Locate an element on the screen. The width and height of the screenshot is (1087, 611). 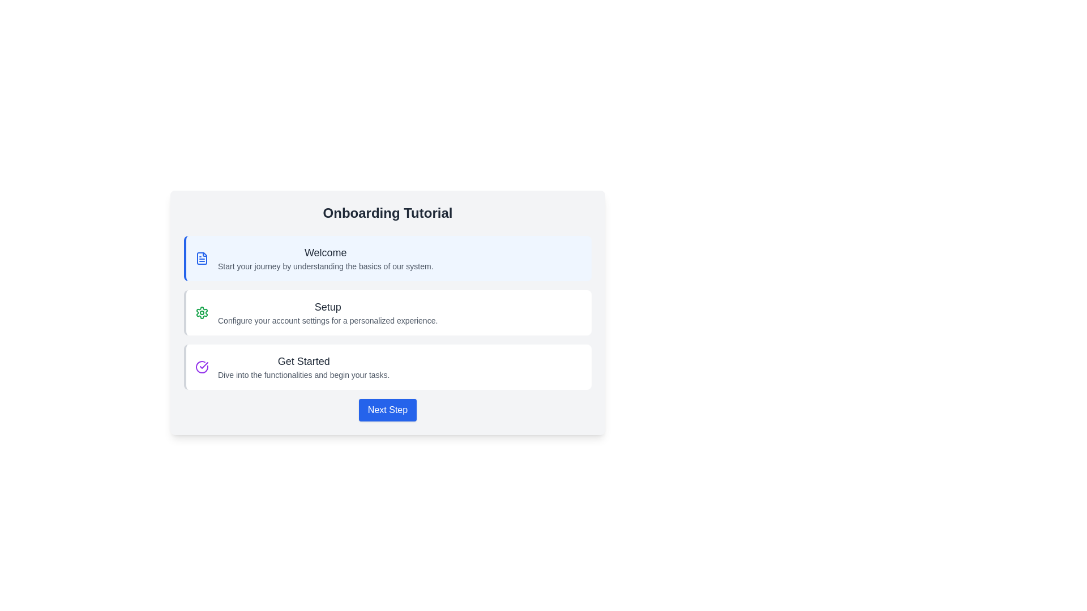
the headline text in the lower right area of the 'Get Started' section to highlight it is located at coordinates (303, 362).